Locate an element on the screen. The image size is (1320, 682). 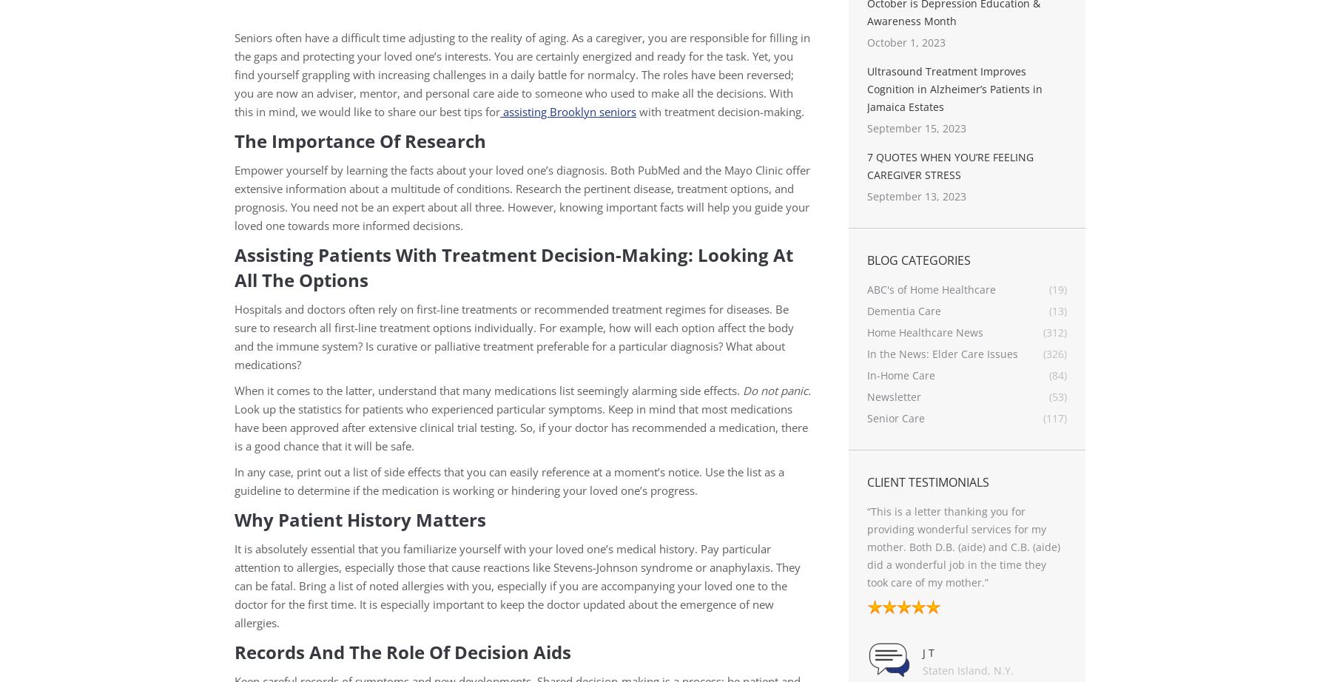
'It is absolutely essential that you familiarize yourself with your loved one’s medical history. Pay particular attention to allergies, especially those that cause reactions like Stevens-Johnson syndrome or anaphylaxis. They can be fatal. Bring a list of noted allergies with you, especially if you are accompanying your loved one to the doctor for the first time. It is especially important to keep the doctor updated about the emergence of new allergies.' is located at coordinates (517, 584).